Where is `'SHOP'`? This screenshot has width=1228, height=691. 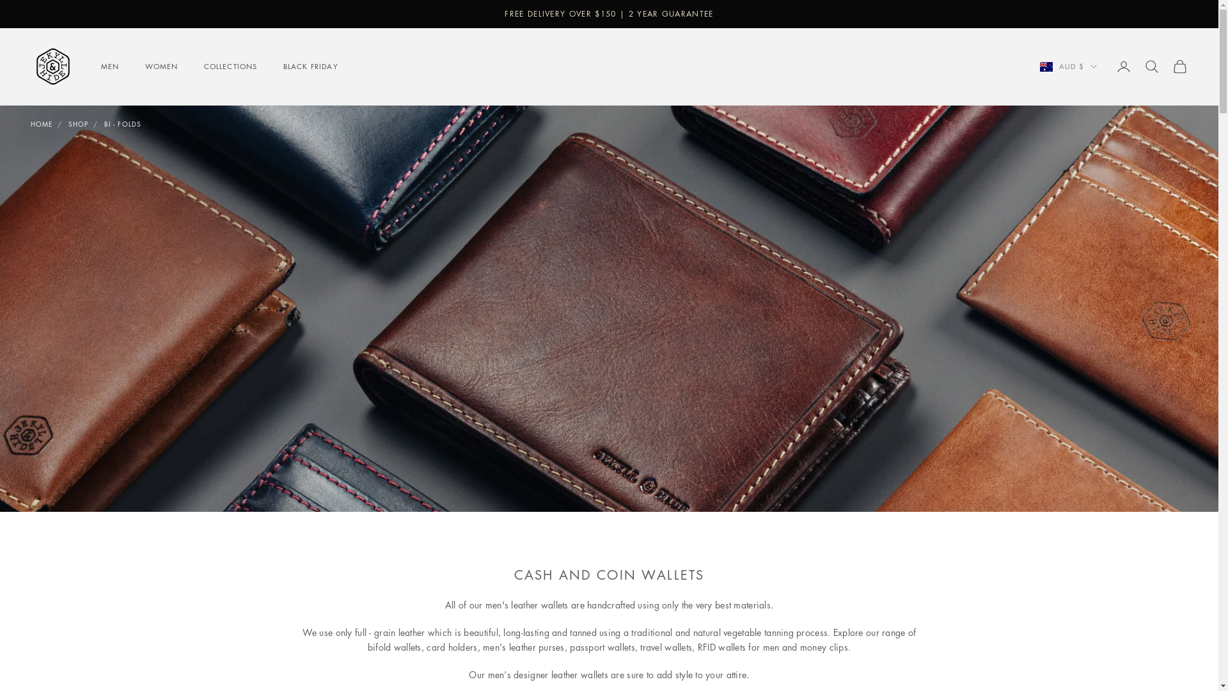
'SHOP' is located at coordinates (67, 123).